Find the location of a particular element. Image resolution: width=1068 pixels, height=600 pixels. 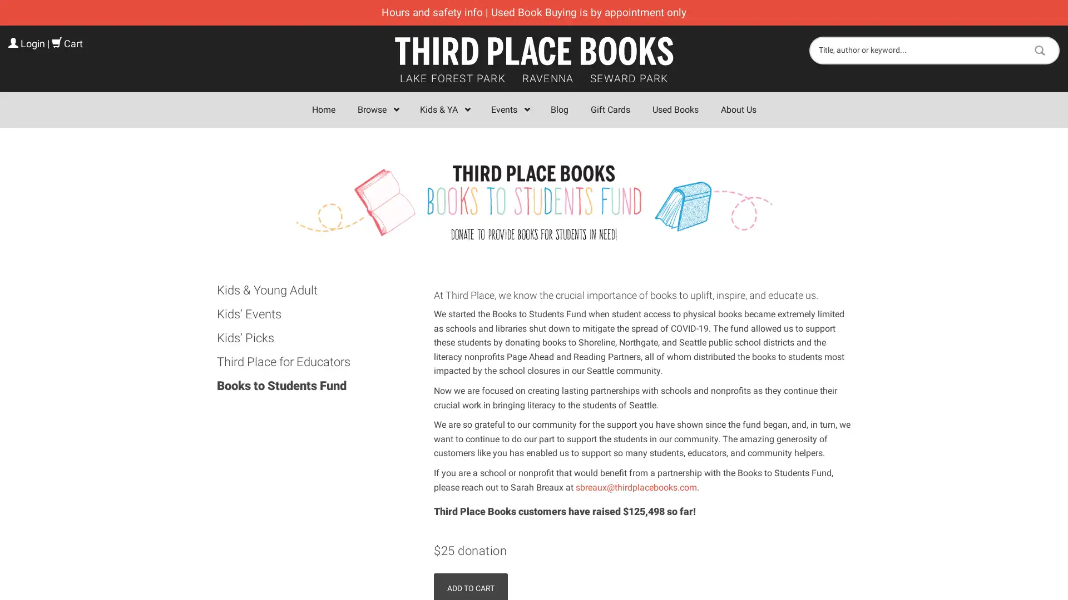

Sign Up! is located at coordinates (534, 413).